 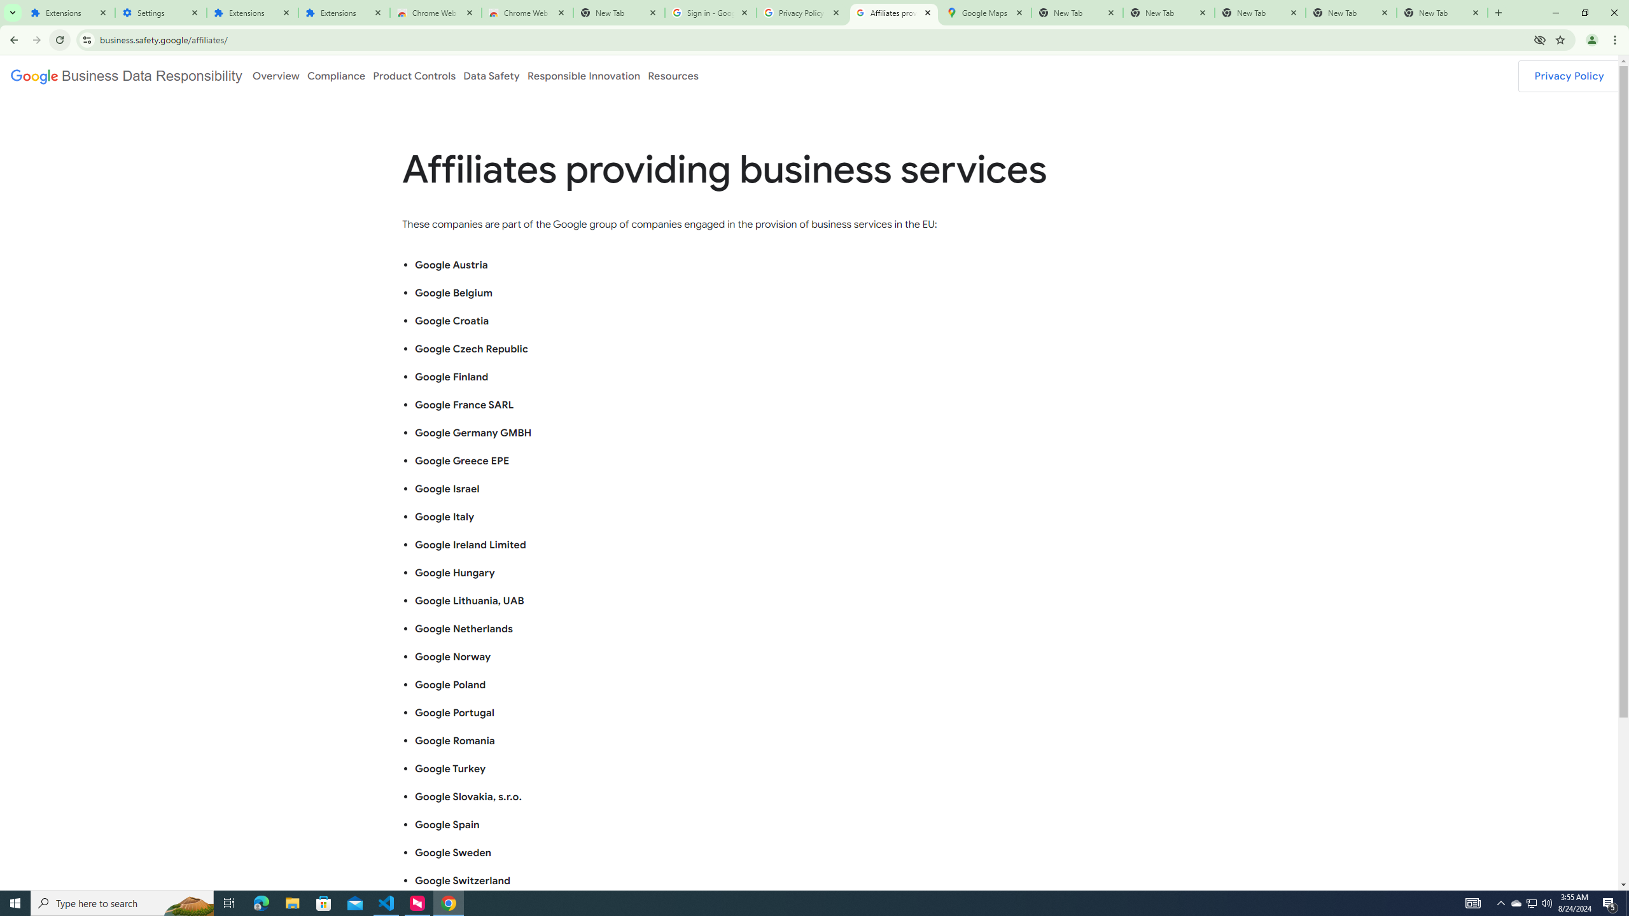 What do you see at coordinates (275, 75) in the screenshot?
I see `'Overview'` at bounding box center [275, 75].